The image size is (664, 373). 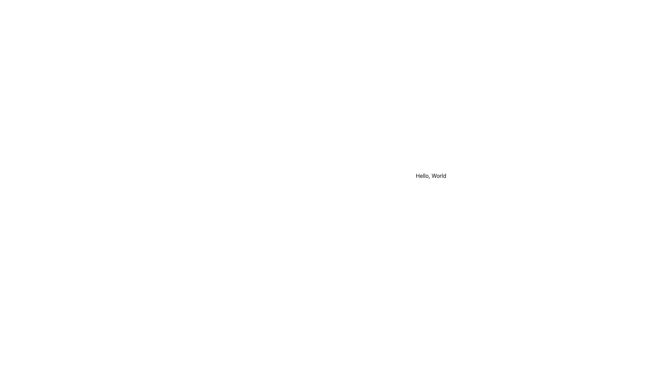 I want to click on the circular SVG element located at the bottom left corner of the interface, so click(x=285, y=358).